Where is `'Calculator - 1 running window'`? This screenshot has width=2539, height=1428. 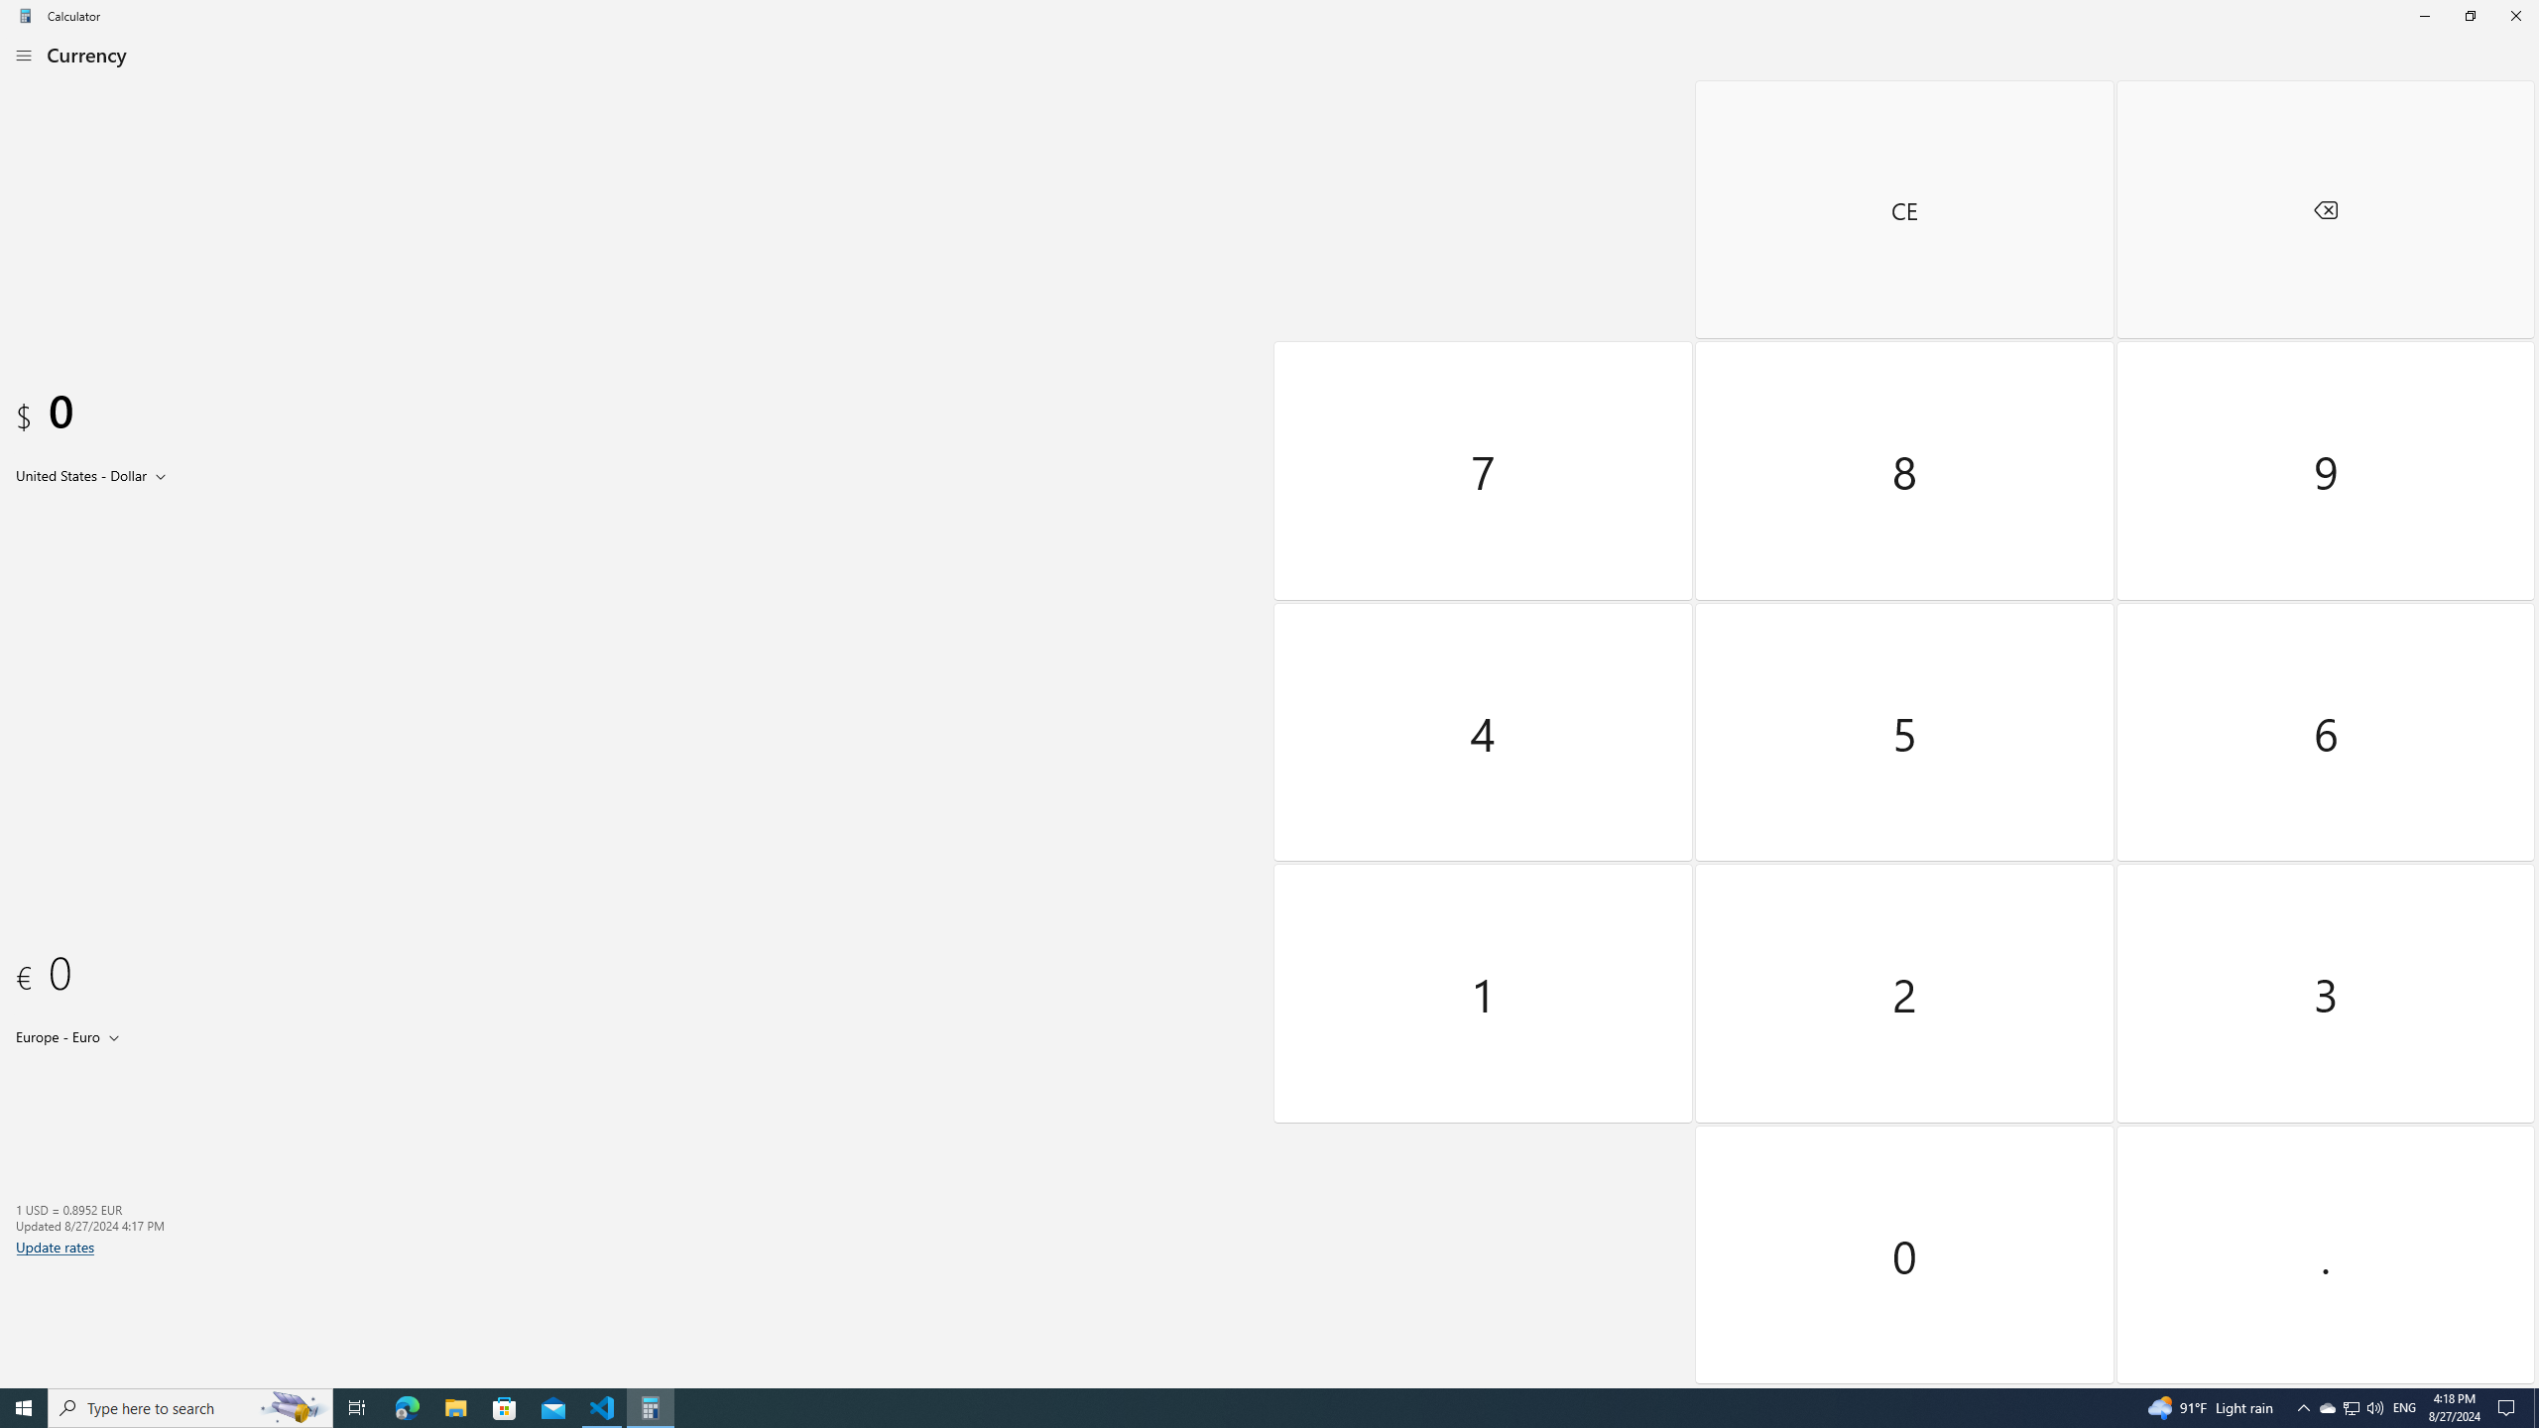
'Calculator - 1 running window' is located at coordinates (651, 1406).